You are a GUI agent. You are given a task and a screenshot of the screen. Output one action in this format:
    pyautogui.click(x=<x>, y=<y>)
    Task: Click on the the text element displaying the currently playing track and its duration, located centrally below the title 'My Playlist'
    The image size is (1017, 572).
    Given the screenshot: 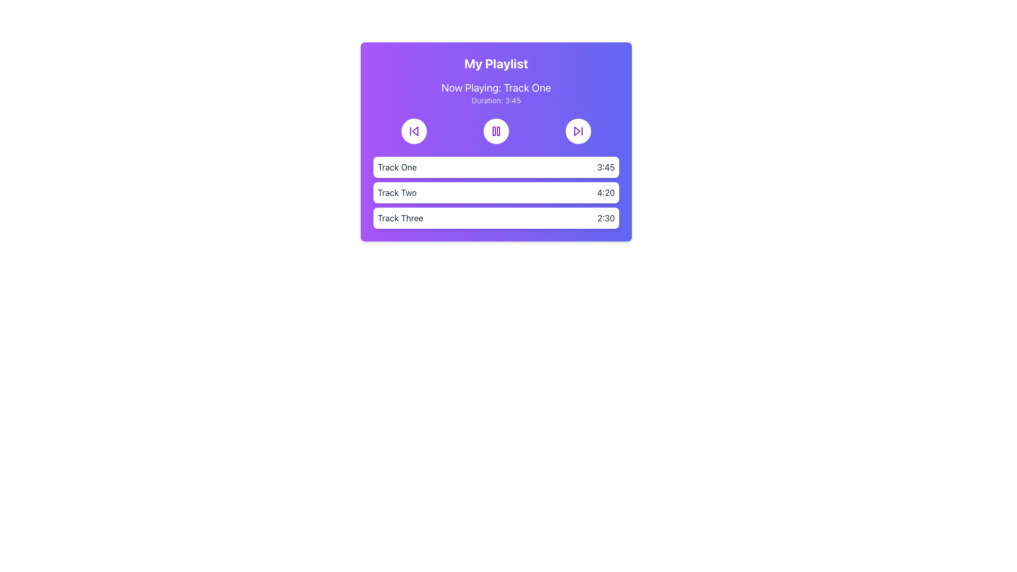 What is the action you would take?
    pyautogui.click(x=495, y=93)
    